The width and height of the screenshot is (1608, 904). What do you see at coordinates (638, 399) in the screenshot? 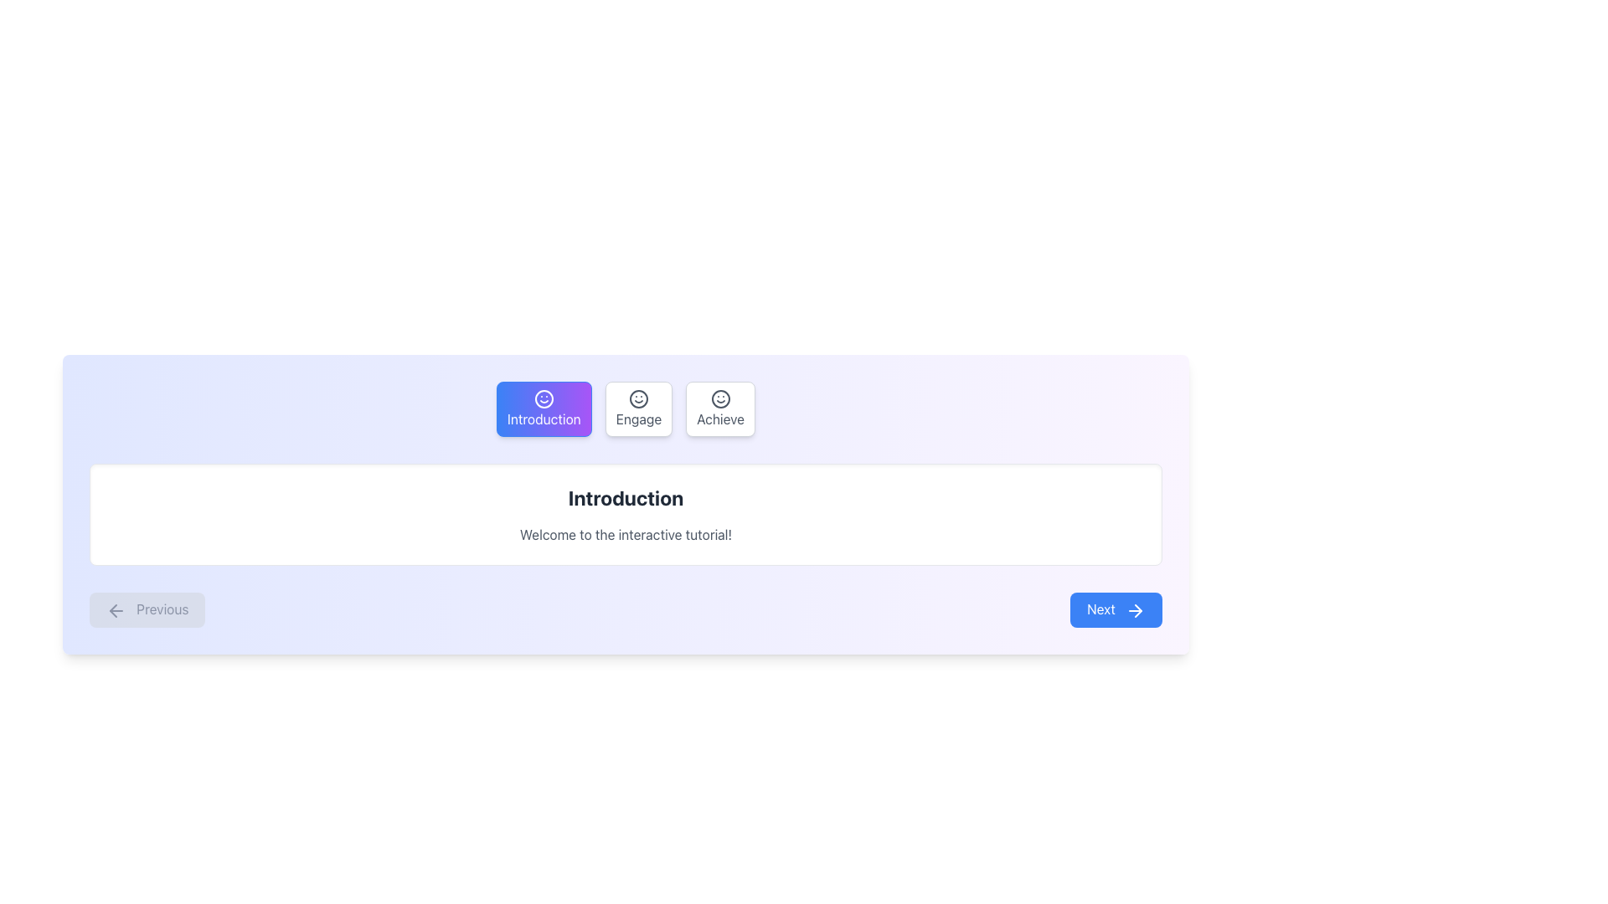
I see `the SVG Circle that forms the outline of the smiley face within the 'Engage' button, which is centrally positioned between the 'Introduction' and 'Achieve' options` at bounding box center [638, 399].